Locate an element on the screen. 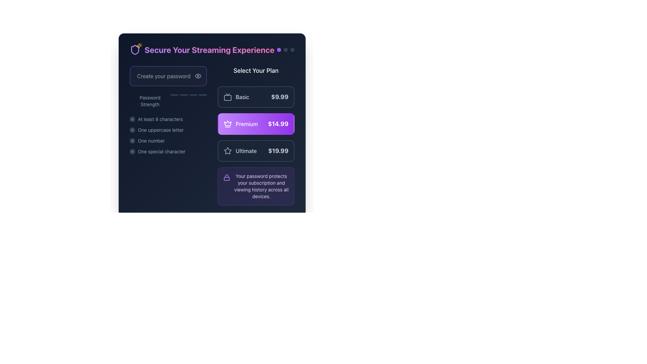 The image size is (647, 364). the first decorative visual indicator of the password strength meter, which represents weak password strength and is located directly under the 'Password Strength' label is located at coordinates (174, 95).